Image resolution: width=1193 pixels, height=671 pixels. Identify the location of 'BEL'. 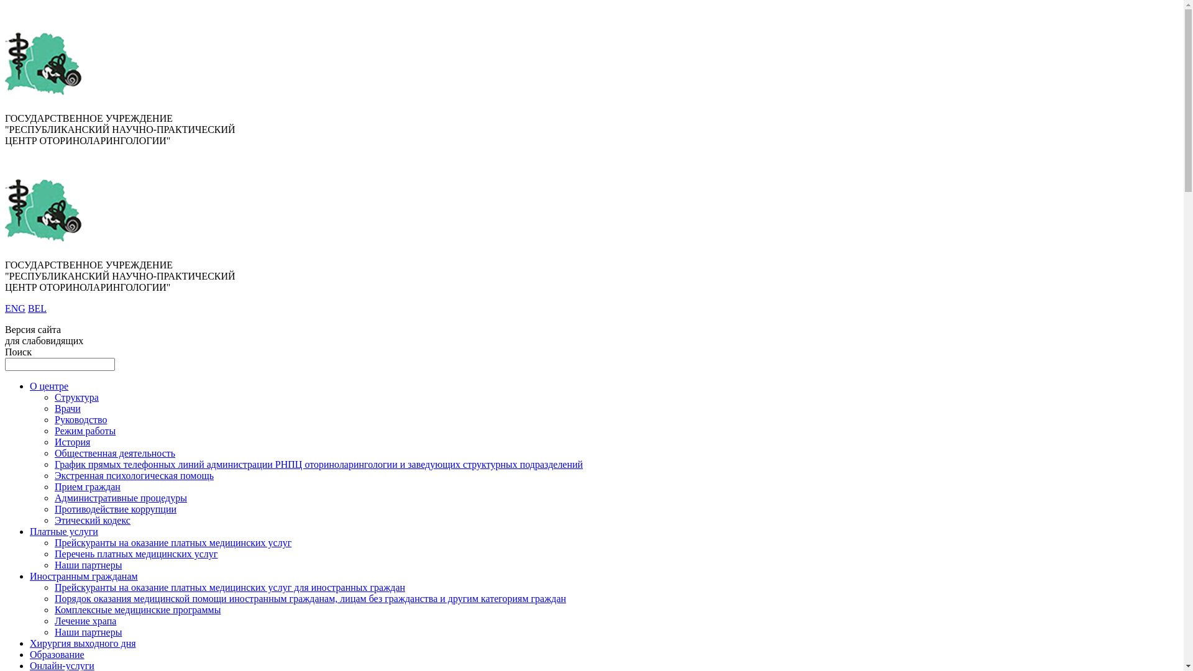
(37, 308).